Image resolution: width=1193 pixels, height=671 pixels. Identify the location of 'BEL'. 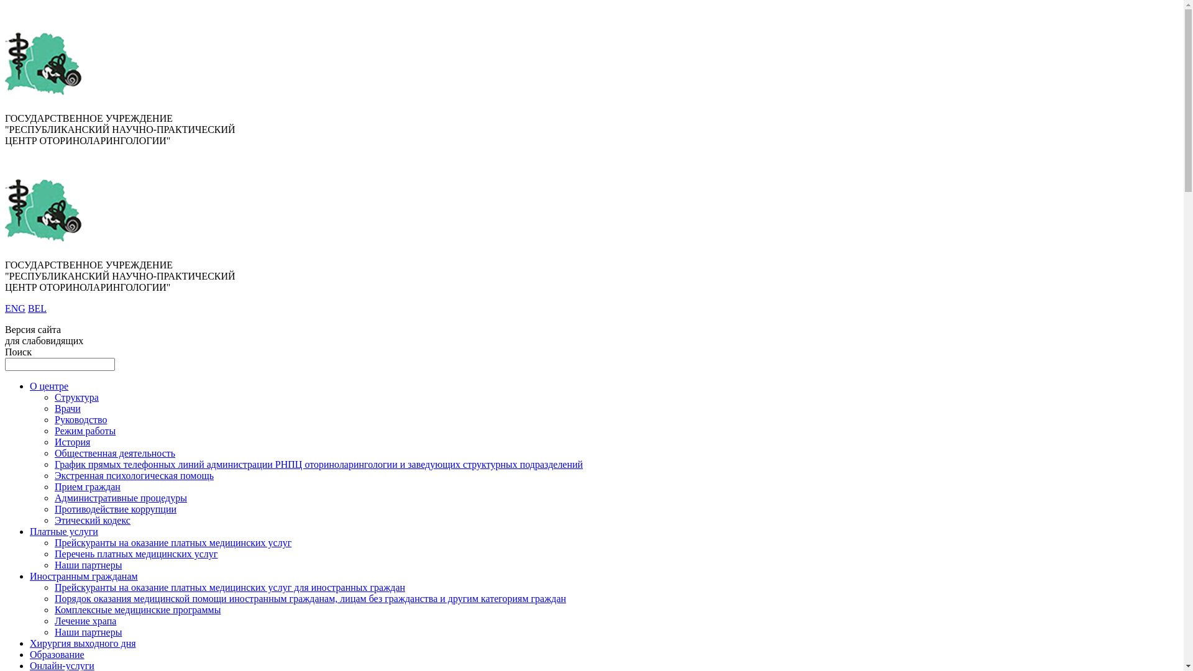
(37, 308).